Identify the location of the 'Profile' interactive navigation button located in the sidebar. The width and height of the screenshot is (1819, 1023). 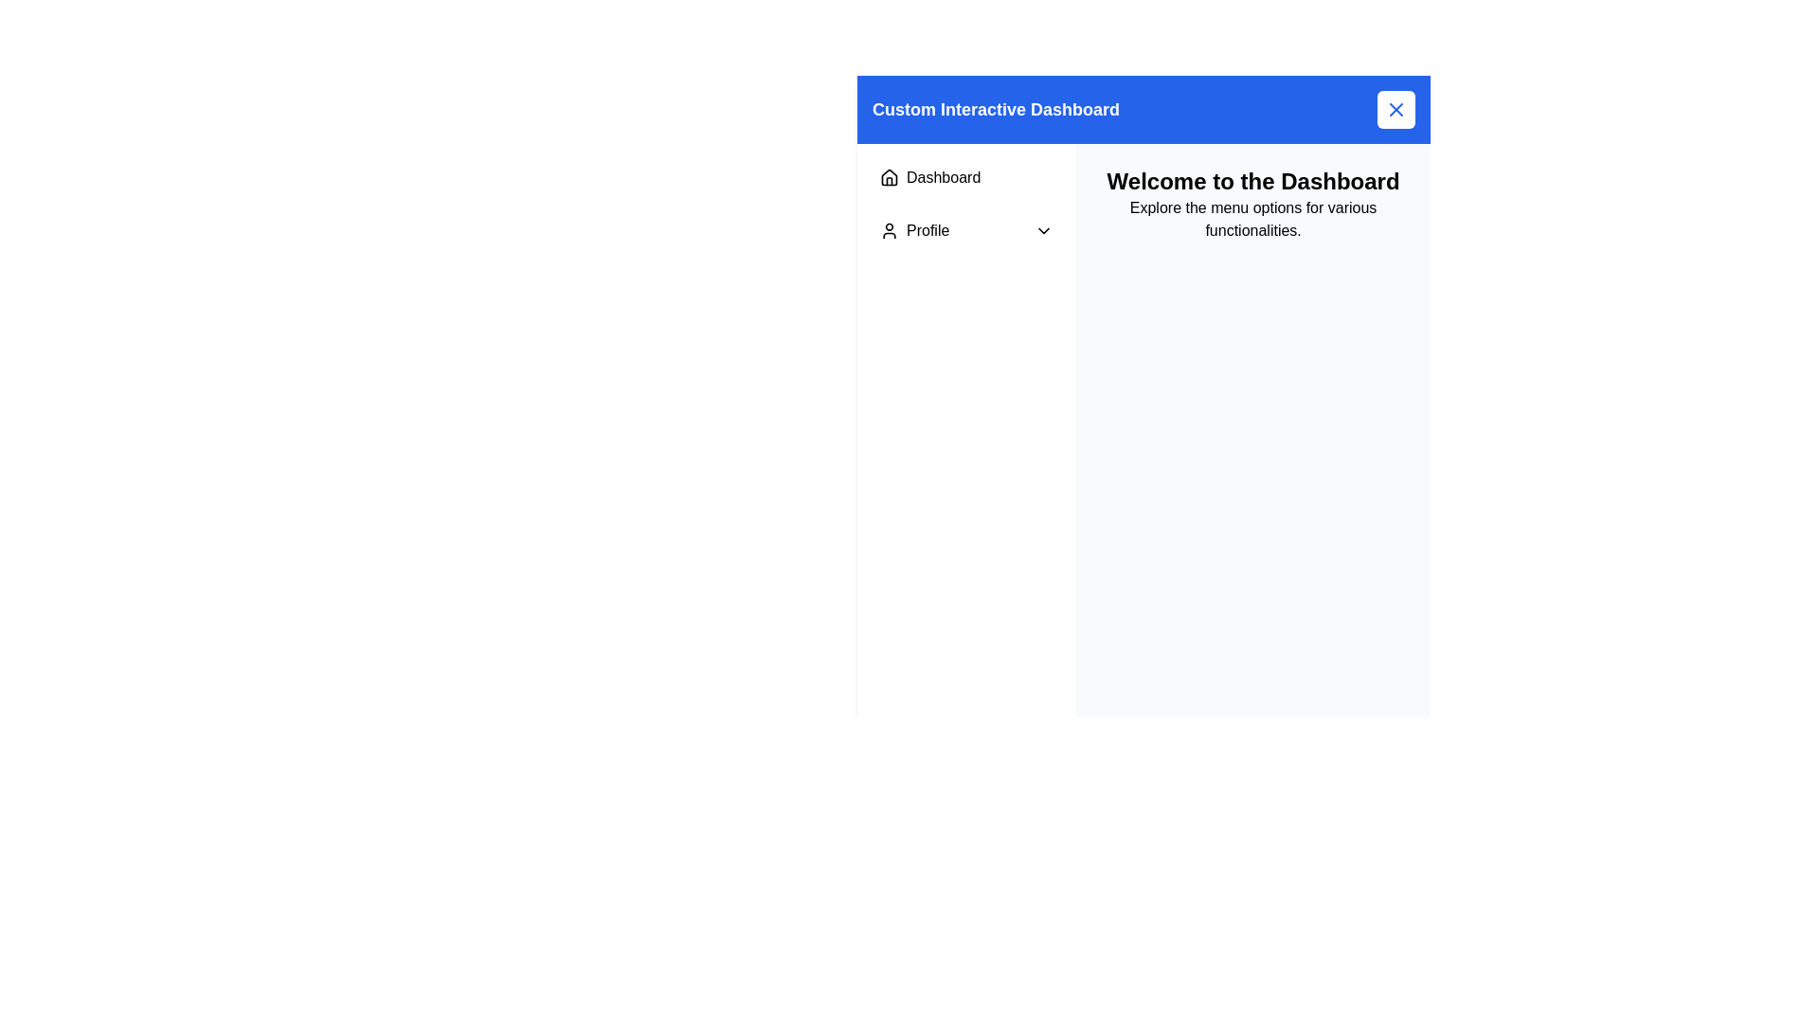
(966, 229).